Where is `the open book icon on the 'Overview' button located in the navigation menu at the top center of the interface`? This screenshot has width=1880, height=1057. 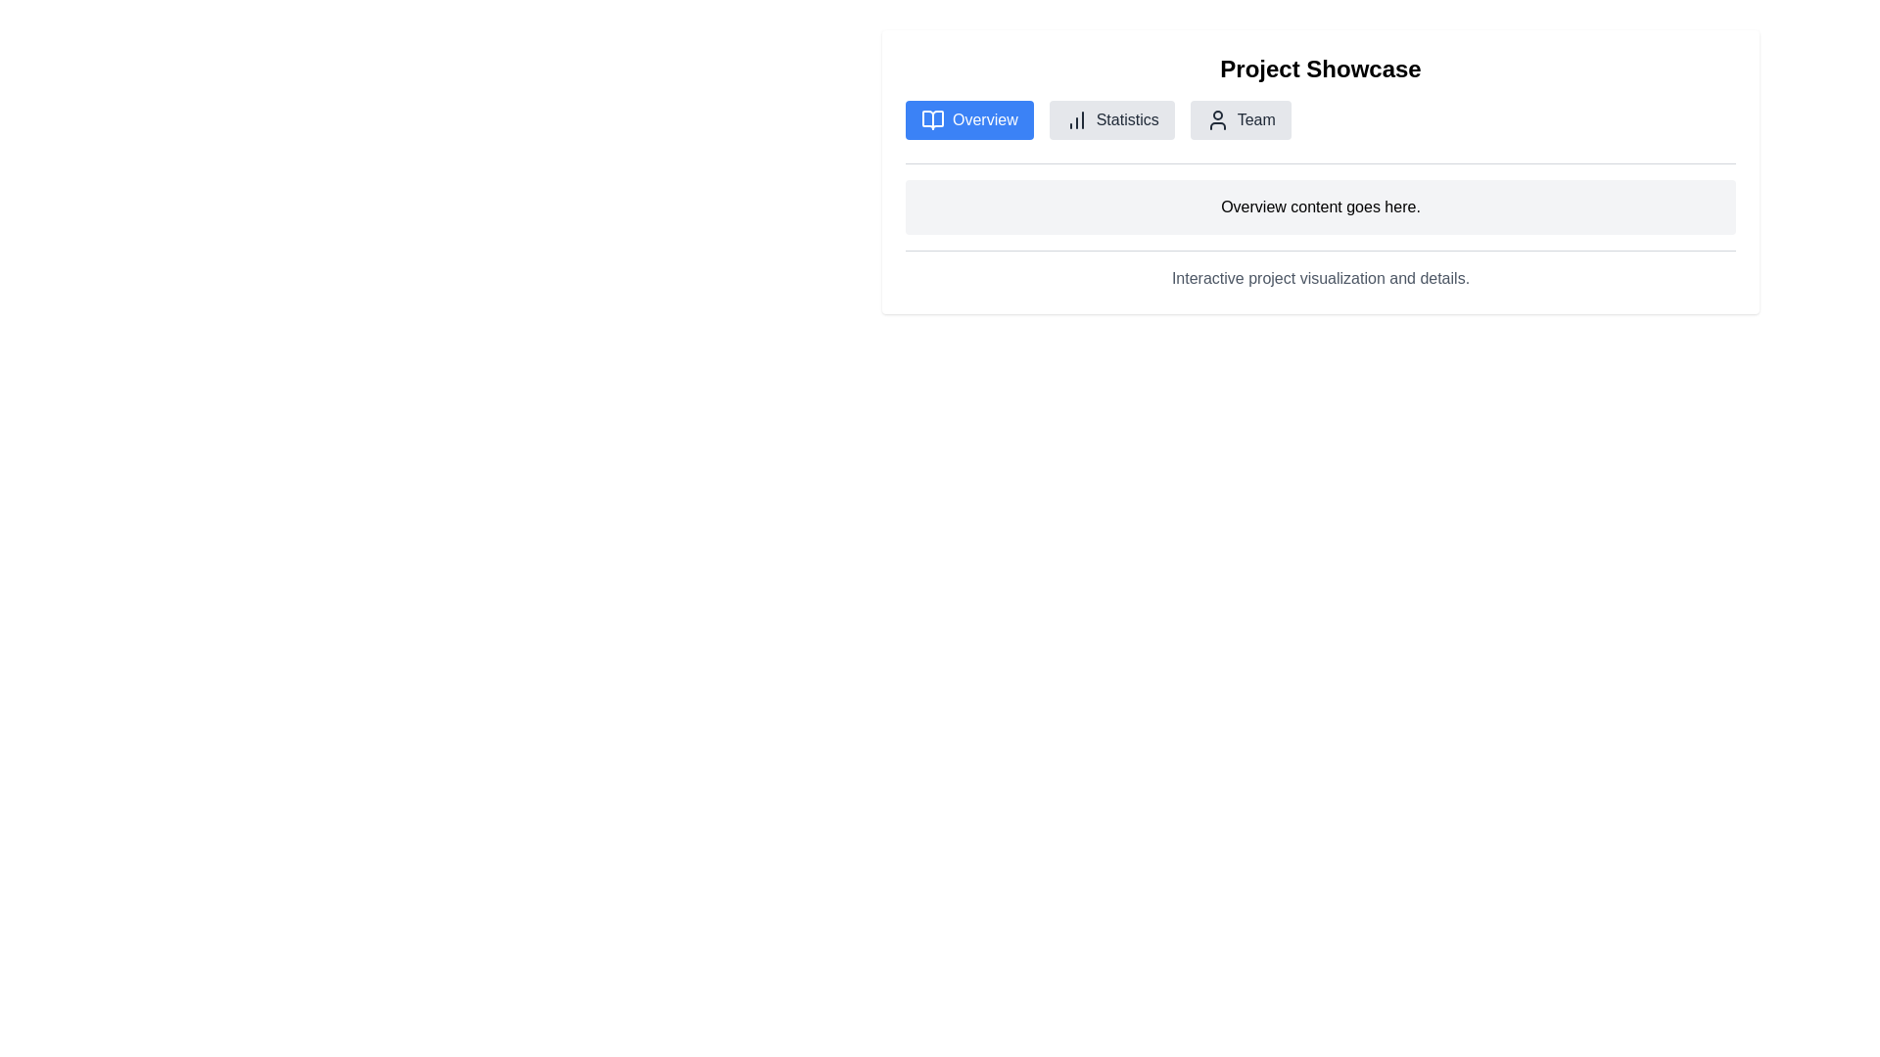
the open book icon on the 'Overview' button located in the navigation menu at the top center of the interface is located at coordinates (932, 120).